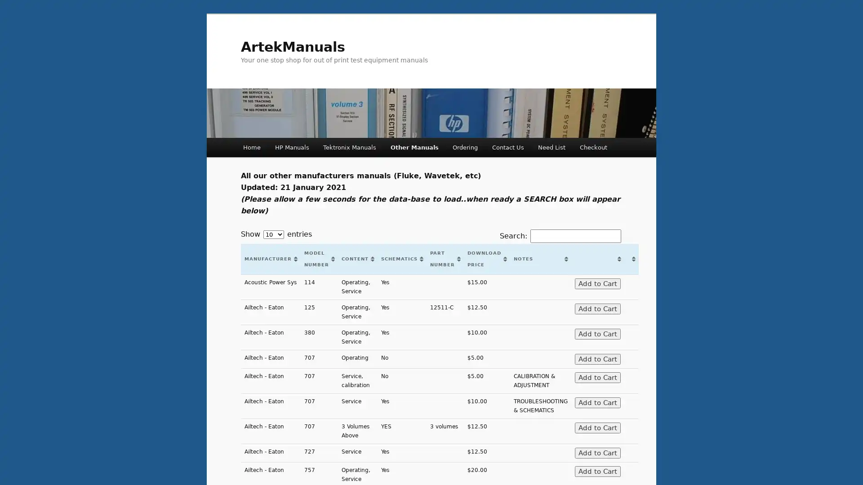 The height and width of the screenshot is (485, 863). I want to click on Add to Cart, so click(597, 284).